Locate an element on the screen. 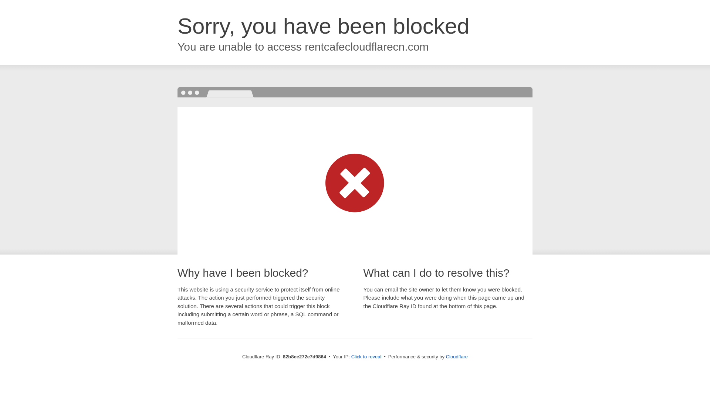 Image resolution: width=710 pixels, height=399 pixels. 'Click to reveal' is located at coordinates (351, 356).